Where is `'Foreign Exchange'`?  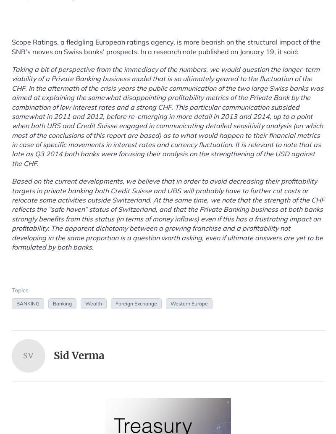 'Foreign Exchange' is located at coordinates (136, 303).